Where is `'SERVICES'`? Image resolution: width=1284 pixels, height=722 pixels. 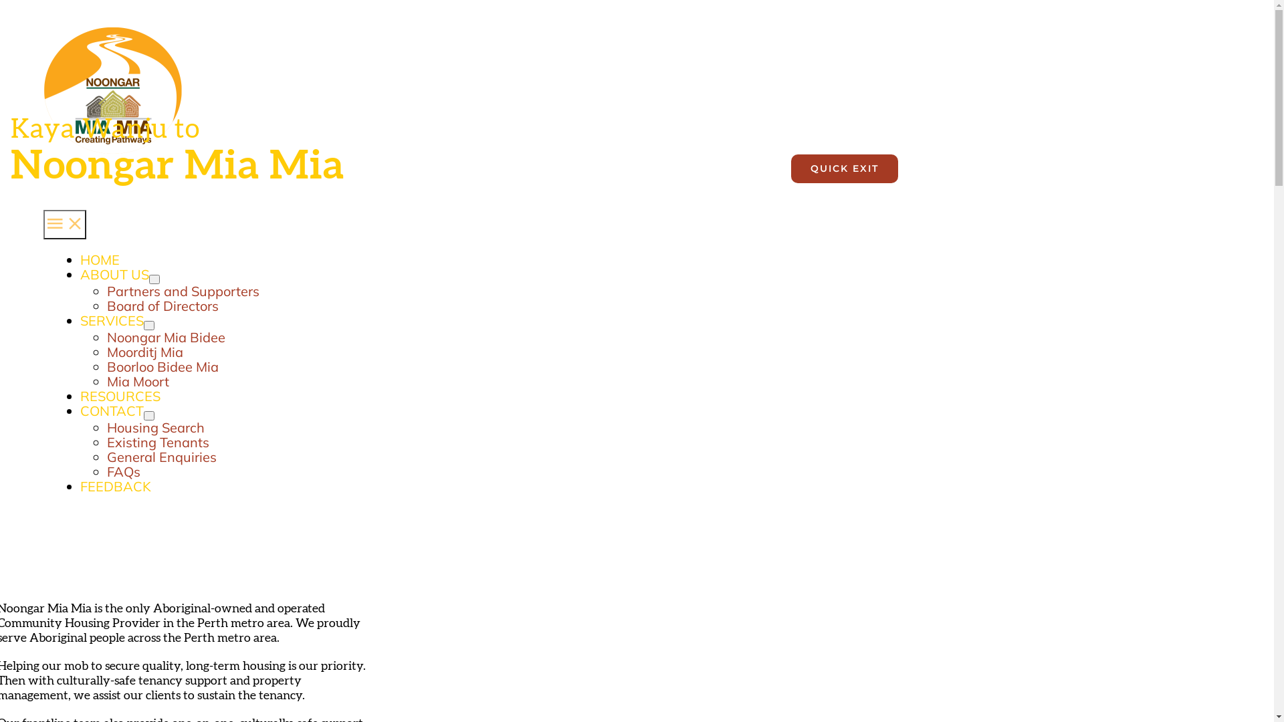
'SERVICES' is located at coordinates (112, 320).